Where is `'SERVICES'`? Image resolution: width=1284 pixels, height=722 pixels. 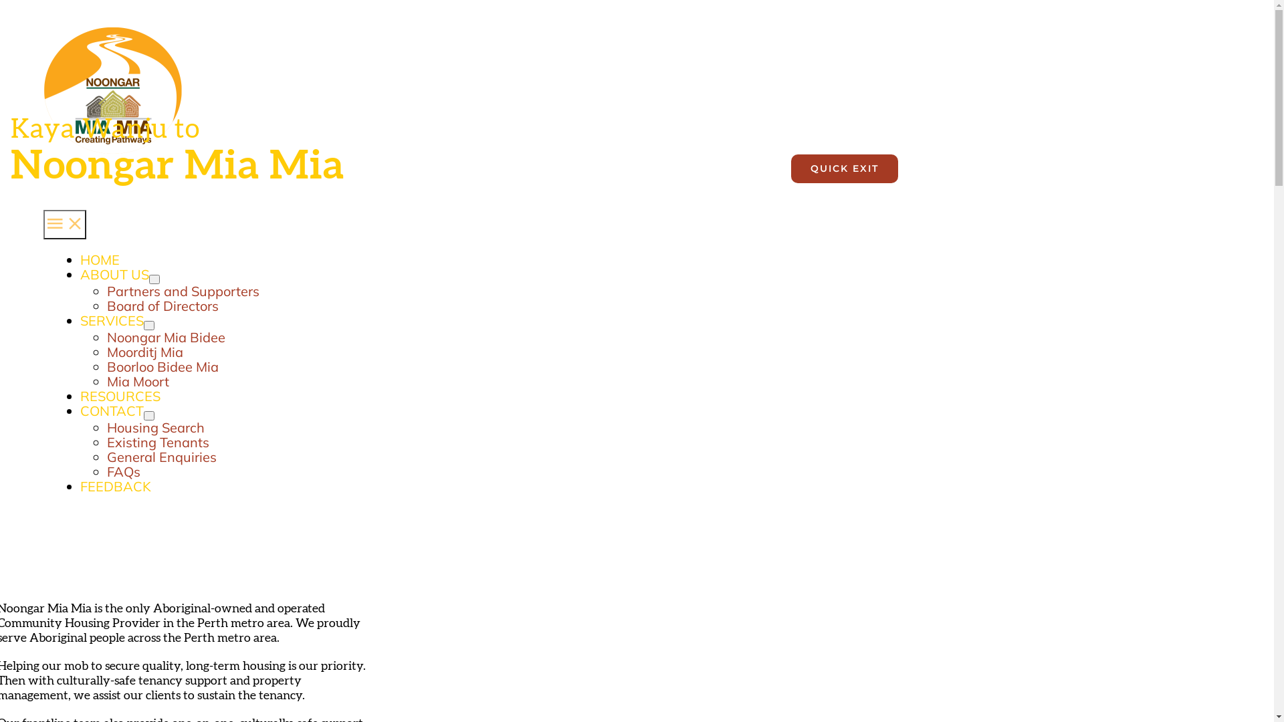
'SERVICES' is located at coordinates (112, 320).